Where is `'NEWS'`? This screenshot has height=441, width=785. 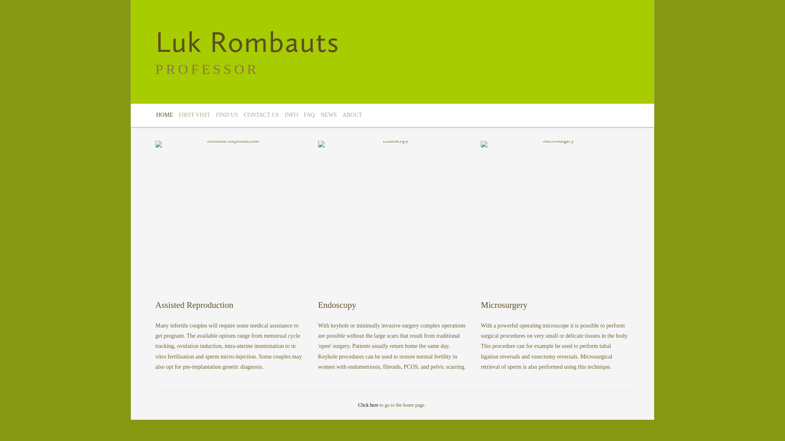 'NEWS' is located at coordinates (328, 115).